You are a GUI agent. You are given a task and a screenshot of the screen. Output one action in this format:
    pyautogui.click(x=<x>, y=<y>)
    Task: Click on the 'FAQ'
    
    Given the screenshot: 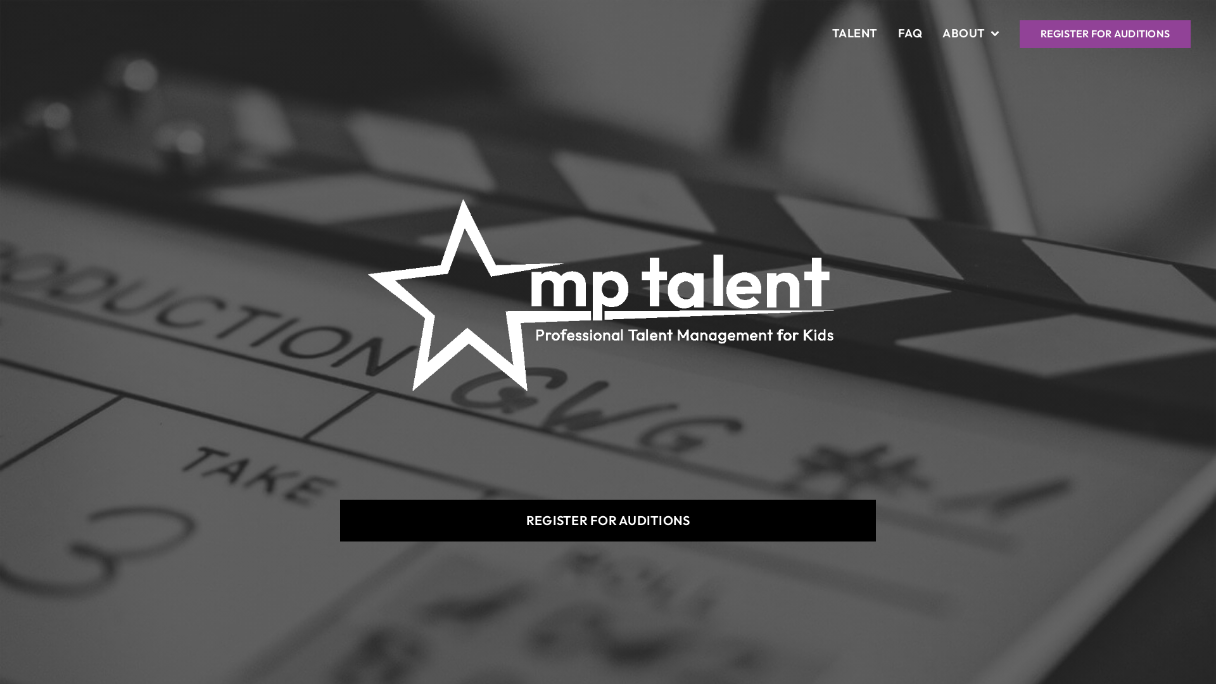 What is the action you would take?
    pyautogui.click(x=887, y=34)
    